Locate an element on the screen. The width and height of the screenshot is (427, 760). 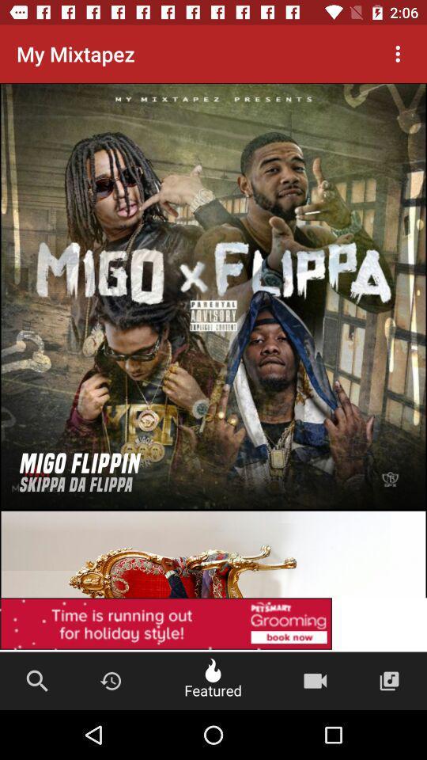
listen is located at coordinates (213, 295).